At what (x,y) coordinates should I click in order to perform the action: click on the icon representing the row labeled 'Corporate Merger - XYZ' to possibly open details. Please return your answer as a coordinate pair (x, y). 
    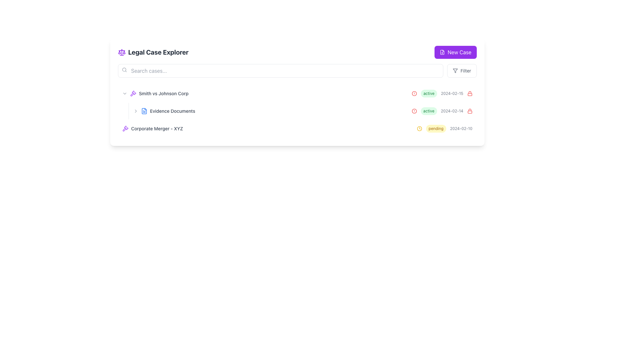
    Looking at the image, I should click on (125, 129).